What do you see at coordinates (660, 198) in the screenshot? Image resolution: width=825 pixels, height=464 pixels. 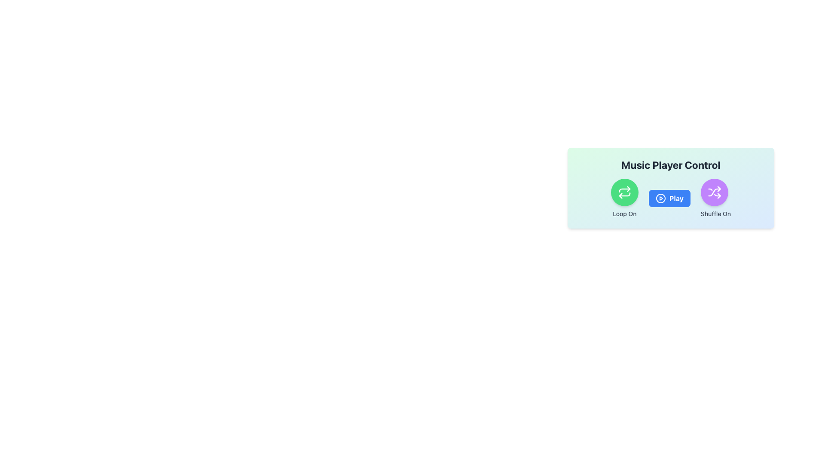 I see `the play action icon located on the 'Play' button within the 'Music Player Control', which is visually represented to indicate media play functionality` at bounding box center [660, 198].